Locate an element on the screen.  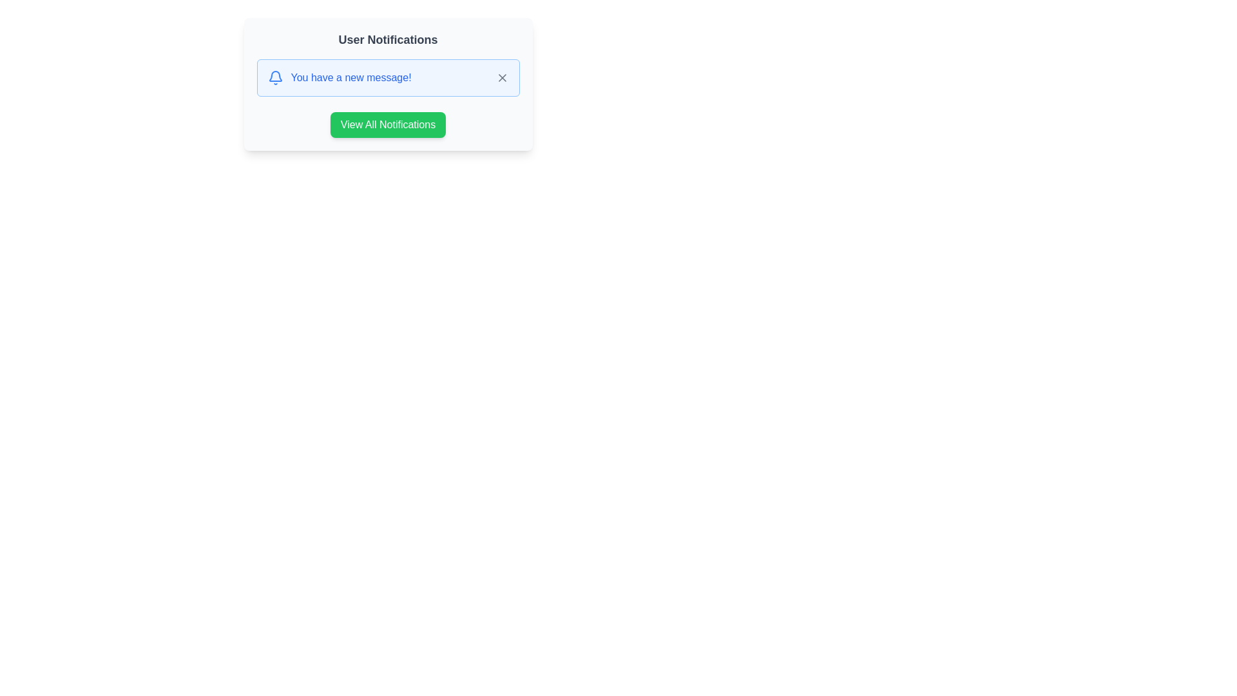
the green button labeled 'View All Notifications' to observe the hover effects is located at coordinates (387, 124).